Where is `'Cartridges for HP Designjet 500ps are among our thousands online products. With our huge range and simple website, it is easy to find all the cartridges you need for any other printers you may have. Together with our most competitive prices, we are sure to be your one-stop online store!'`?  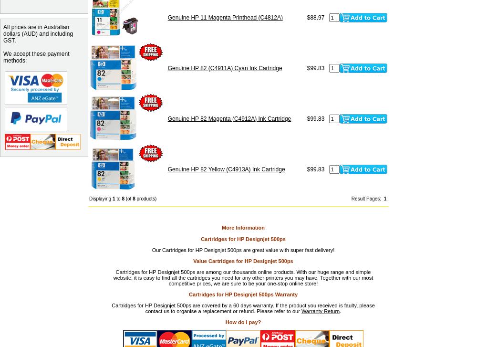 'Cartridges for HP Designjet 500ps are among our thousands online products. With our huge range and simple website, it is easy to find all the cartridges you need for any other printers you may have. Together with our most competitive prices, we are sure to be your one-stop online store!' is located at coordinates (243, 277).